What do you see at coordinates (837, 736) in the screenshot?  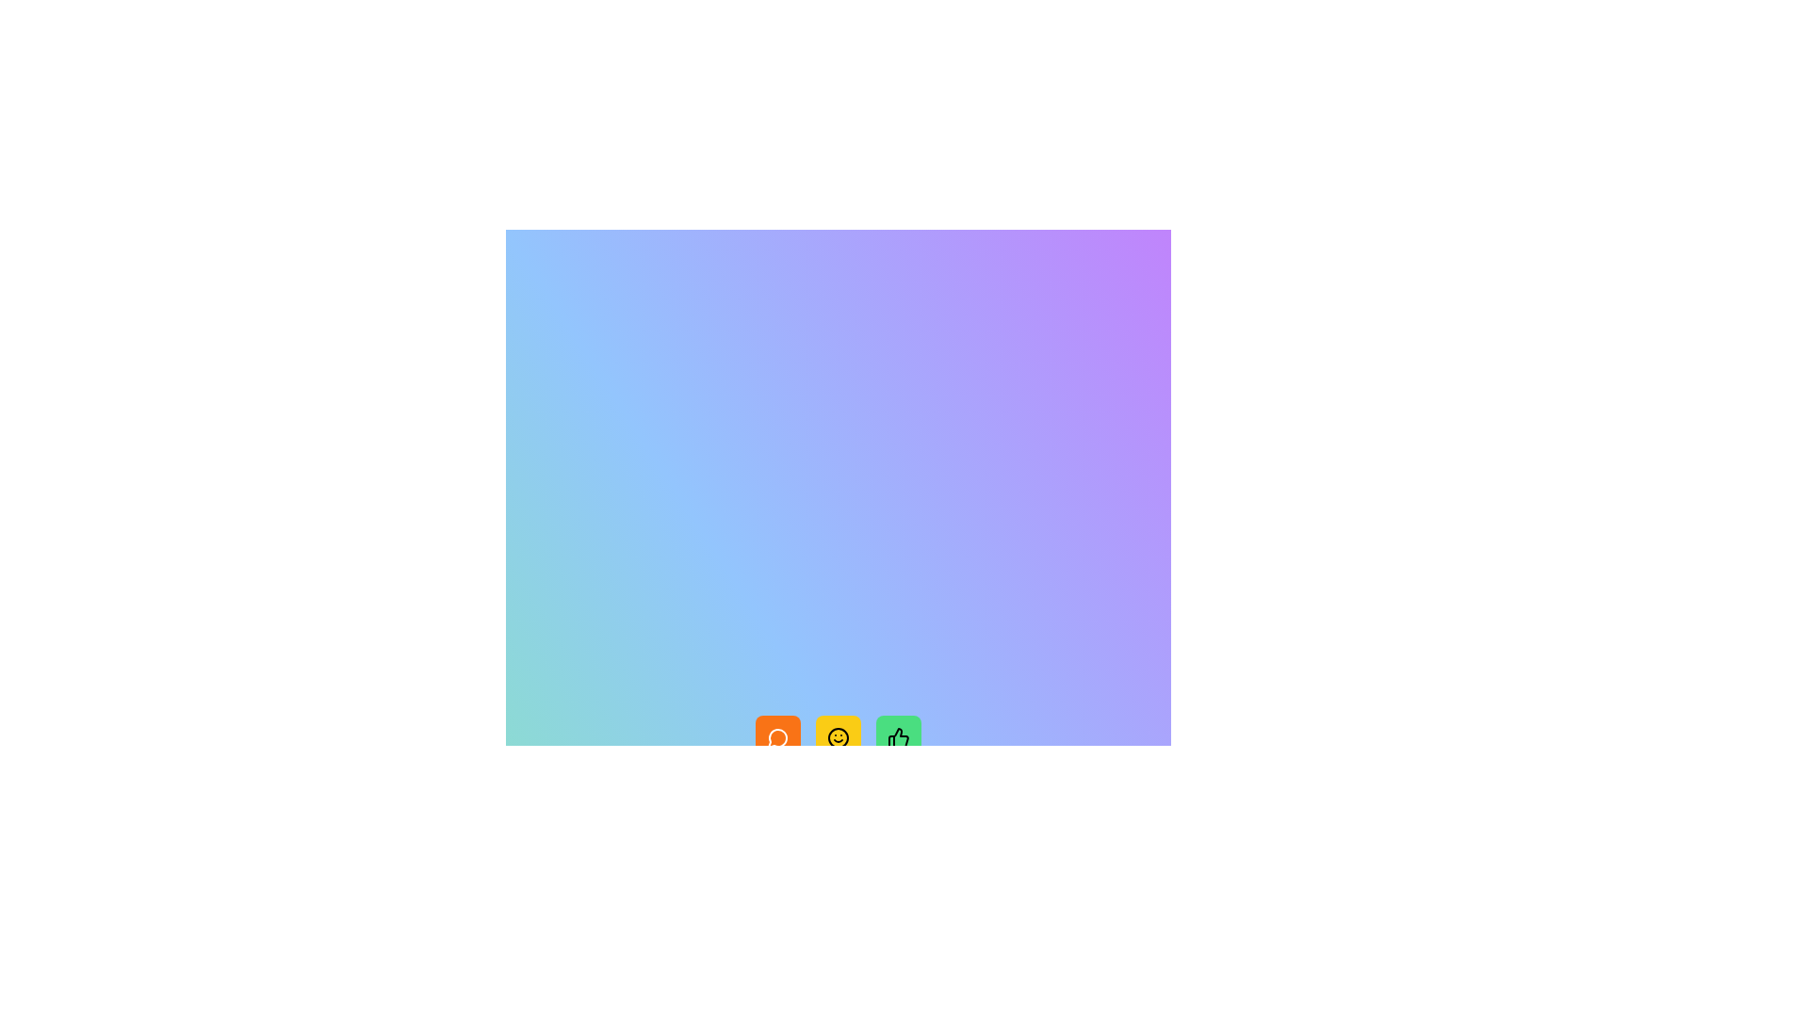 I see `the smiley face icon, which is the second of three adjacent icons at the bottom center of the interface, to perform a positive action or sentiment` at bounding box center [837, 736].